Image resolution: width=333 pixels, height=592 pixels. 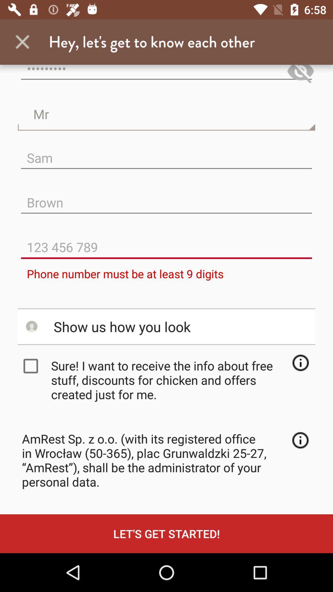 What do you see at coordinates (300, 75) in the screenshot?
I see `the item above the mr icon` at bounding box center [300, 75].